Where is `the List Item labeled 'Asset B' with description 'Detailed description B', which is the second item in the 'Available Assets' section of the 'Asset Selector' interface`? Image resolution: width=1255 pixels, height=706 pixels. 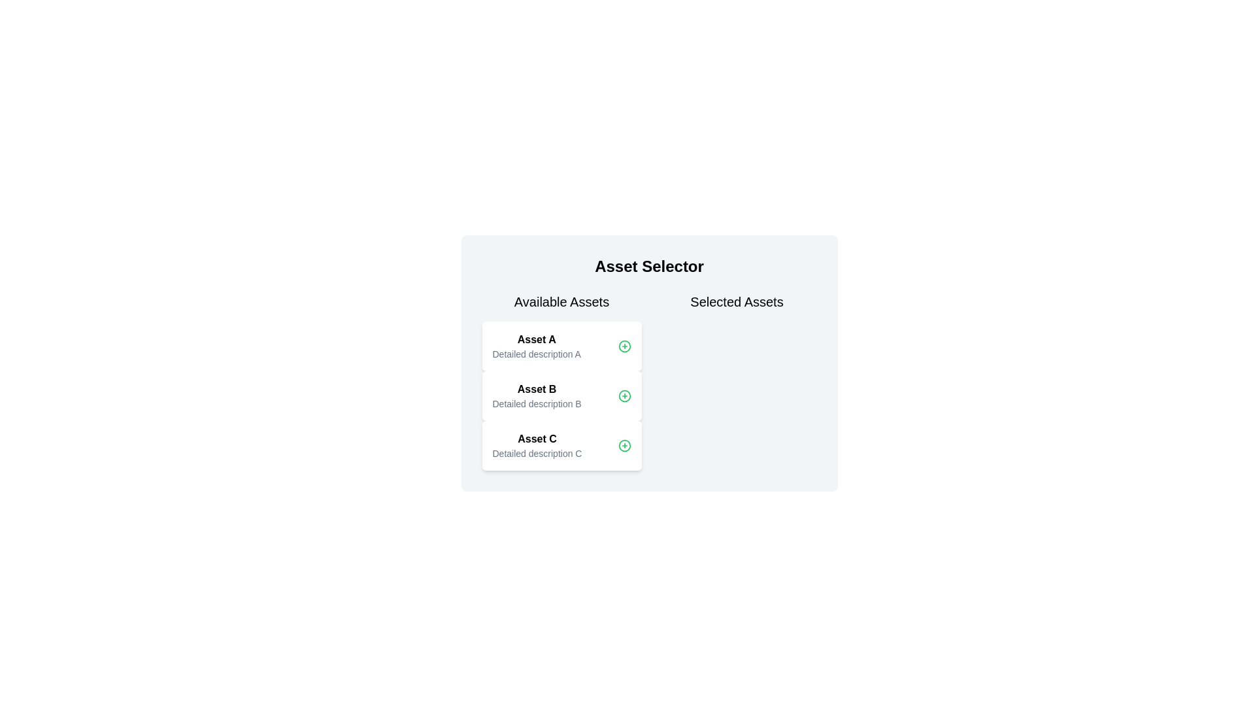 the List Item labeled 'Asset B' with description 'Detailed description B', which is the second item in the 'Available Assets' section of the 'Asset Selector' interface is located at coordinates (561, 381).